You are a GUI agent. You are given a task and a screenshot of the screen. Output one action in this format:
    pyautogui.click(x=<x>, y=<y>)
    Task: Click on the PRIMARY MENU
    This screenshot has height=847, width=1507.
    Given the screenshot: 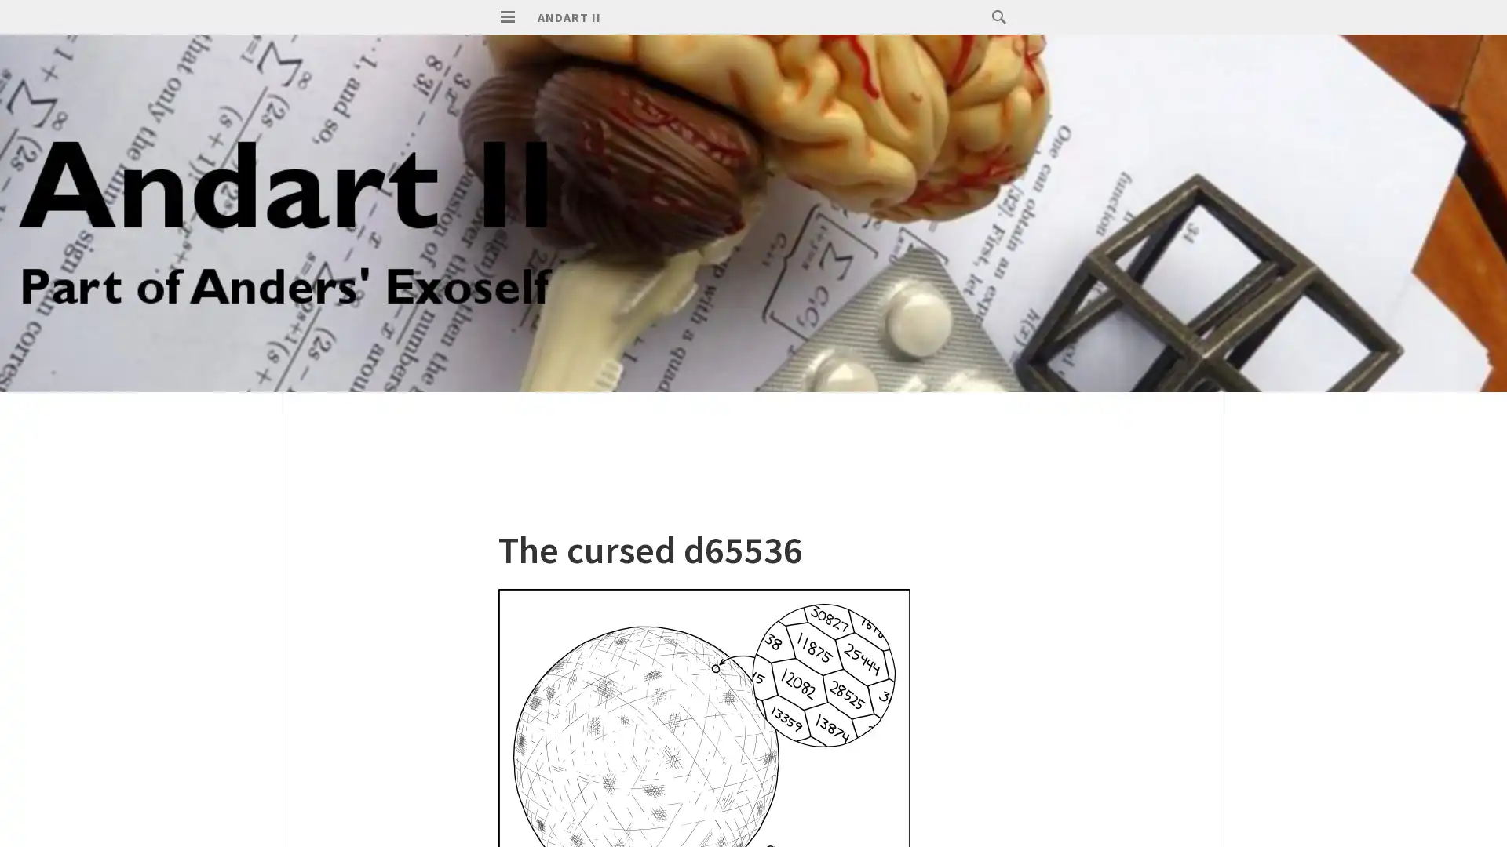 What is the action you would take?
    pyautogui.click(x=508, y=17)
    